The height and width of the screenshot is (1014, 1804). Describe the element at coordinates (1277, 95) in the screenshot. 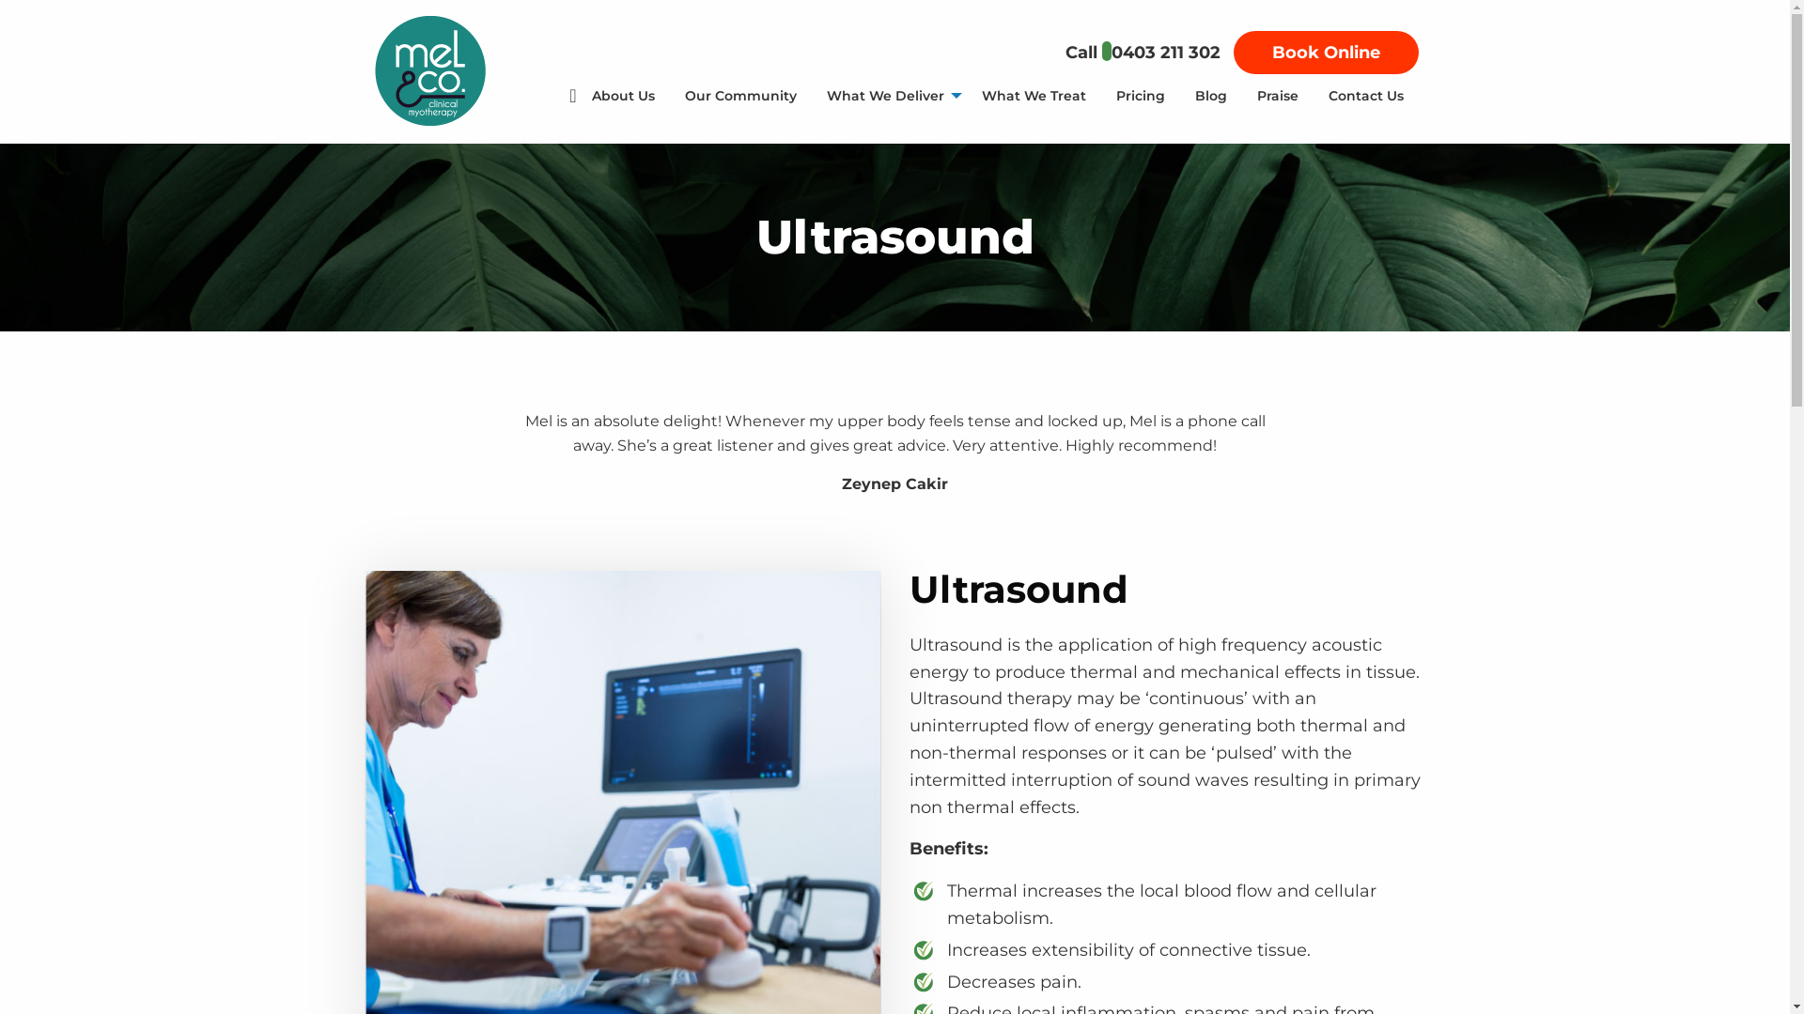

I see `'Praise'` at that location.